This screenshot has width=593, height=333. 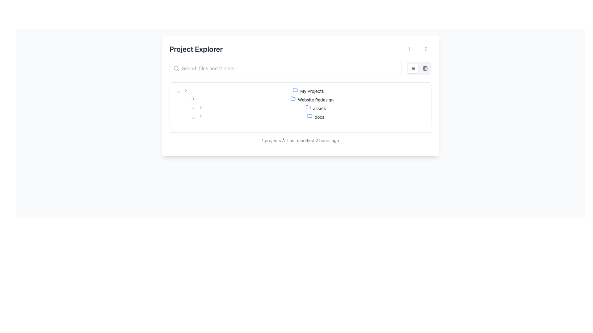 What do you see at coordinates (308, 91) in the screenshot?
I see `the 'My Projects' Tree Node Header` at bounding box center [308, 91].